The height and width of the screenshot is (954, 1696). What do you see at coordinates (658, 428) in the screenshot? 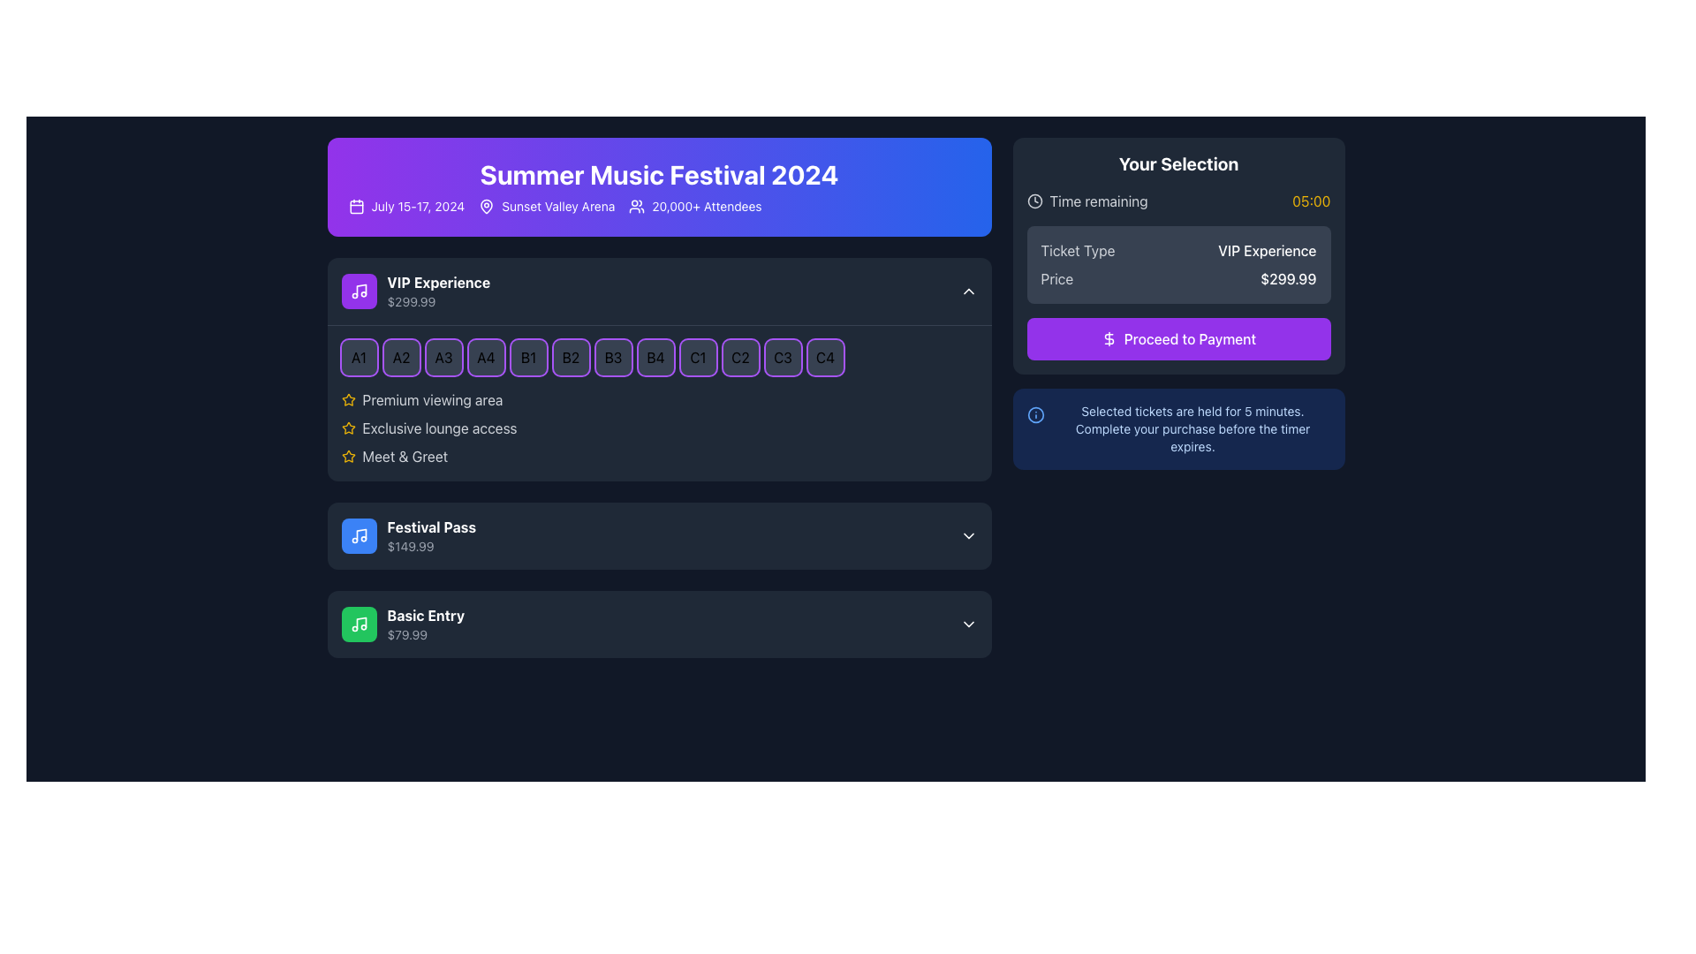
I see `text 'Exclusive lounge access' in the yellow star icon label located in the VIP Experience section` at bounding box center [658, 428].